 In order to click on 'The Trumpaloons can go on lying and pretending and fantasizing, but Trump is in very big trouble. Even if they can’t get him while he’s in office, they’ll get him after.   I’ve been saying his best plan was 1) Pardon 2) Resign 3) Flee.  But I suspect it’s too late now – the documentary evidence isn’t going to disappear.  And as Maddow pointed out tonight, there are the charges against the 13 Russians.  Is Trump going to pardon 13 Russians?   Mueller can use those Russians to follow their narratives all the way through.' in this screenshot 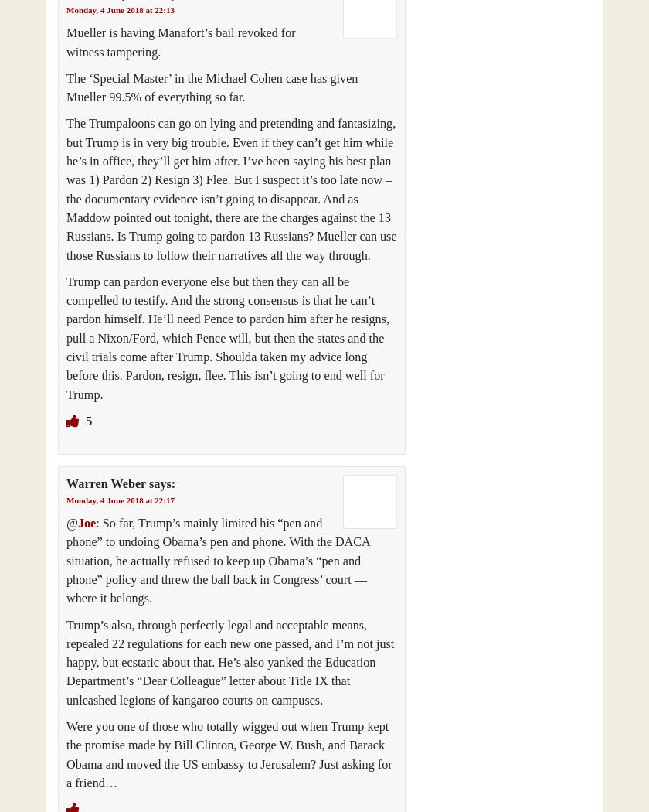, I will do `click(66, 189)`.